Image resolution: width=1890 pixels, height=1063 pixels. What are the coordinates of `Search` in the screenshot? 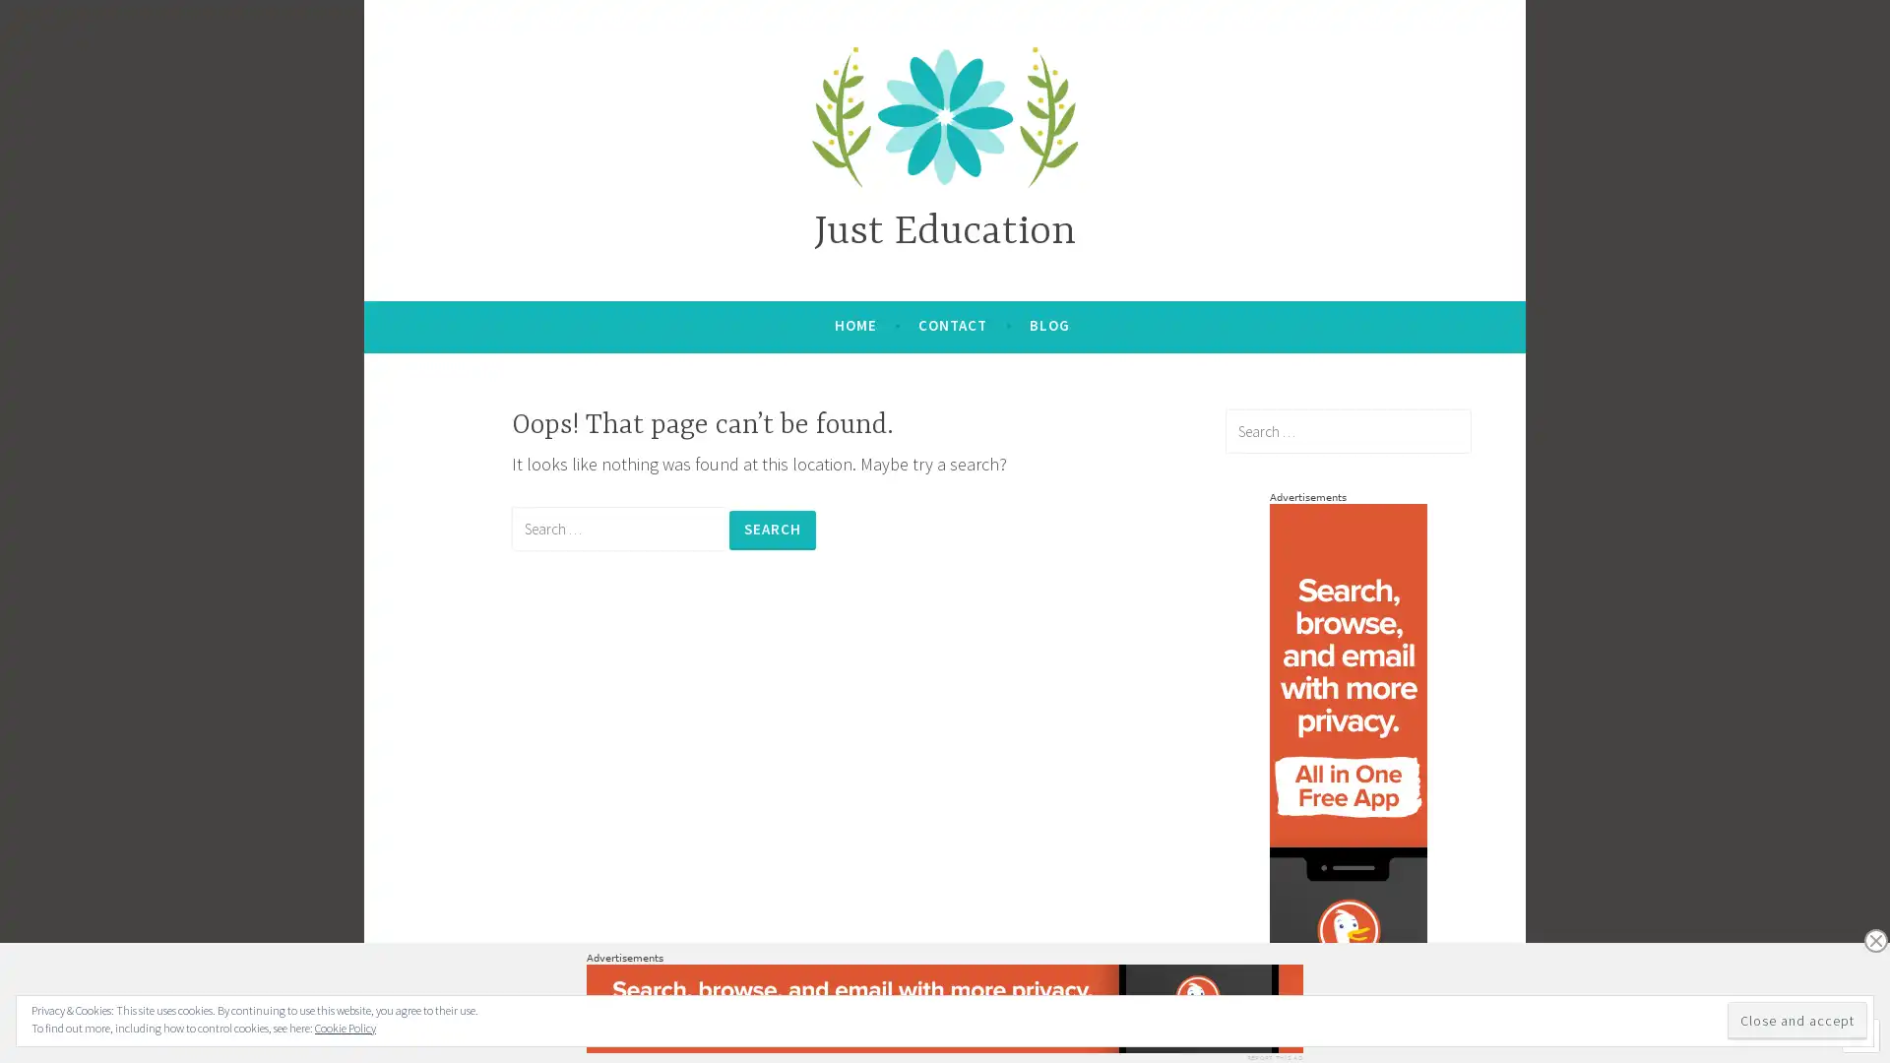 It's located at (772, 529).